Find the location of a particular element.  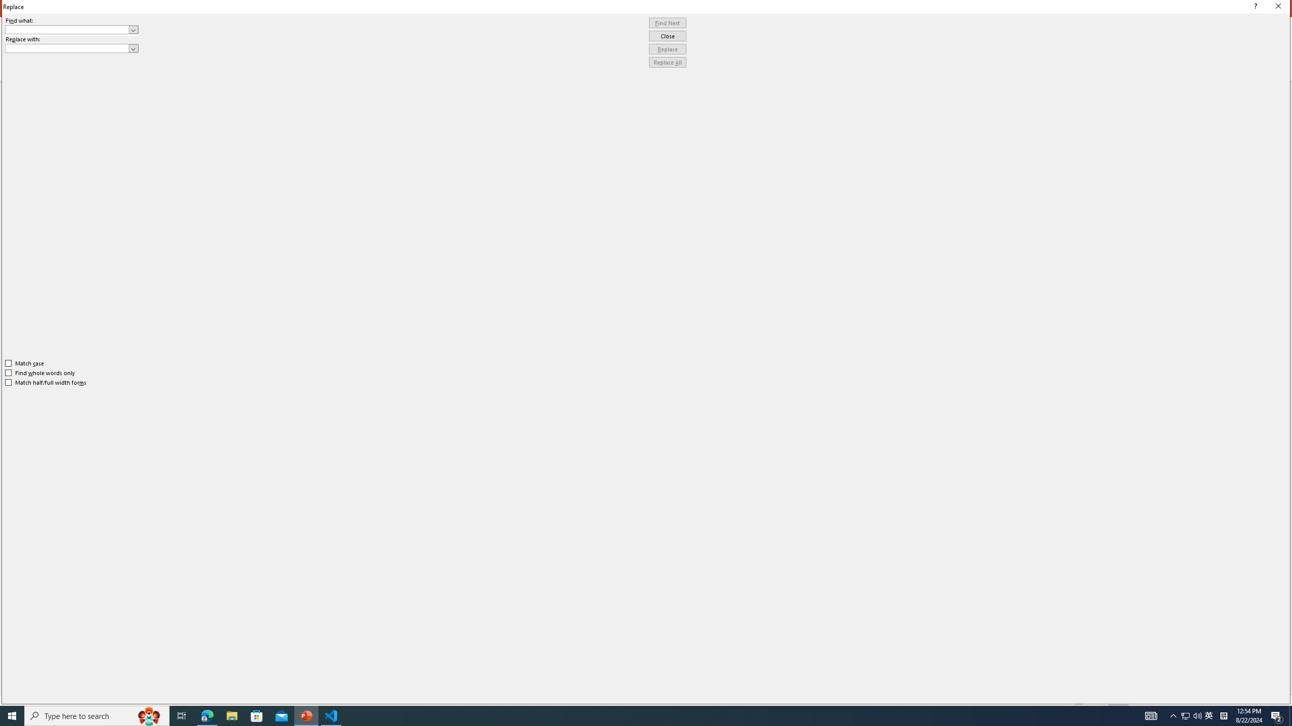

'Replace' is located at coordinates (667, 48).